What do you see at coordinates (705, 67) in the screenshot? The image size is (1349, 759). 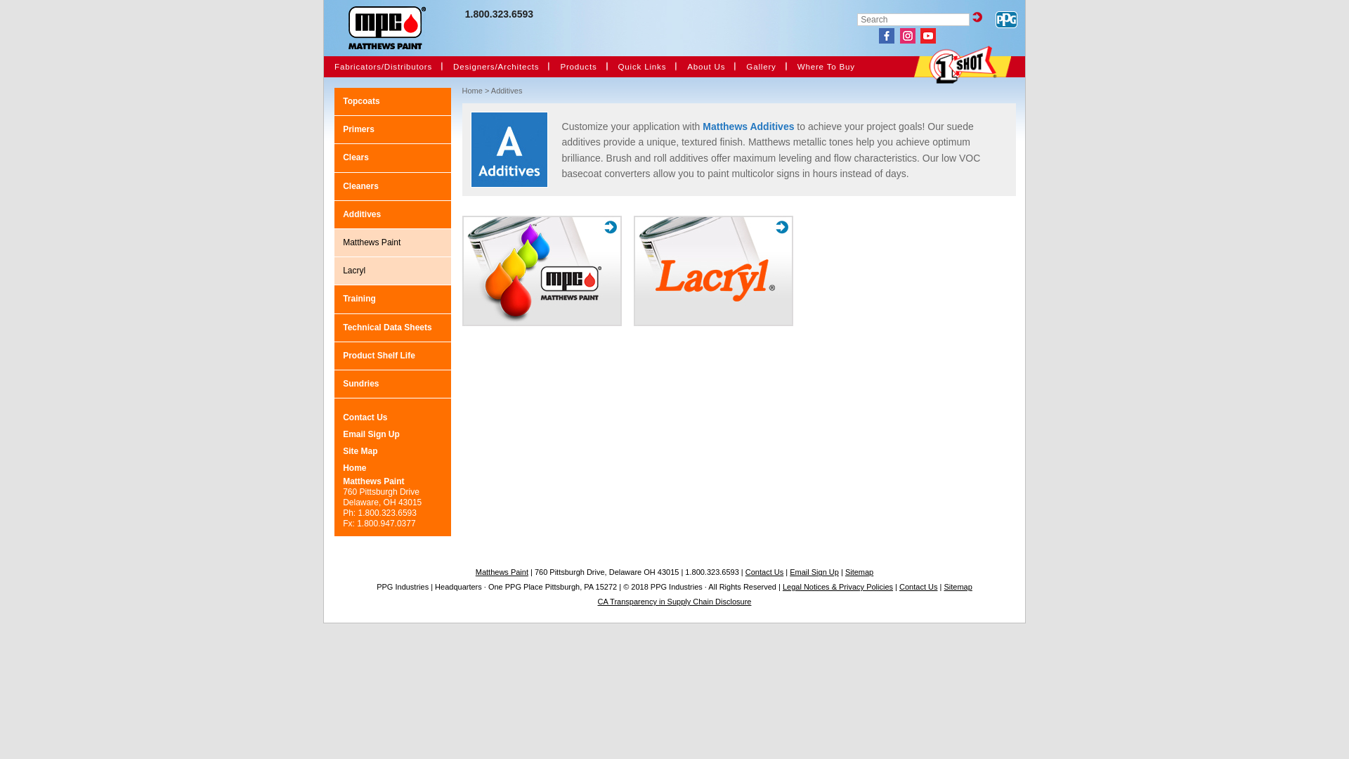 I see `'About Us'` at bounding box center [705, 67].